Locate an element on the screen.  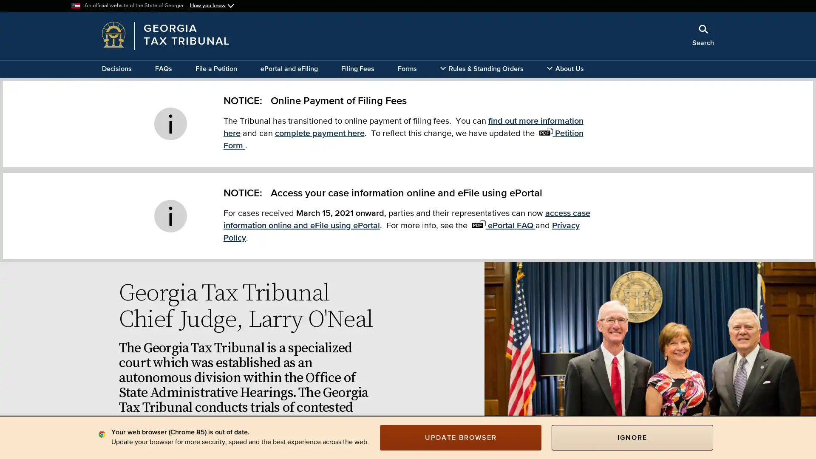
IGNORE is located at coordinates (632, 437).